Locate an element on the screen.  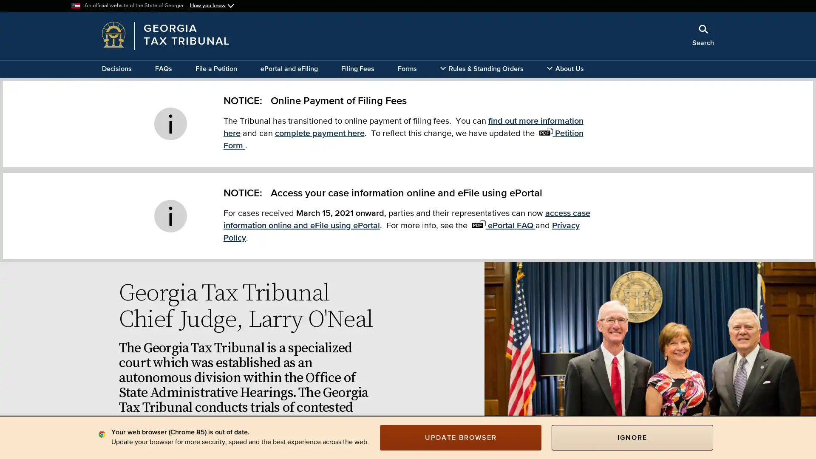
IGNORE is located at coordinates (632, 437).